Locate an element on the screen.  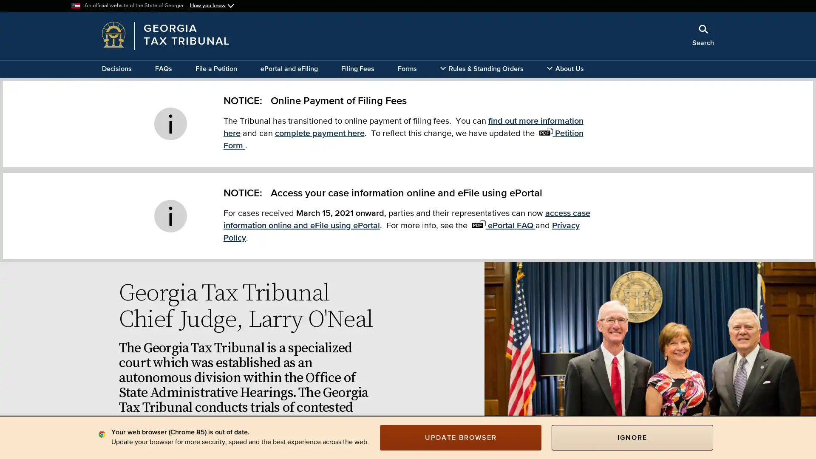
IGNORE is located at coordinates (632, 437).